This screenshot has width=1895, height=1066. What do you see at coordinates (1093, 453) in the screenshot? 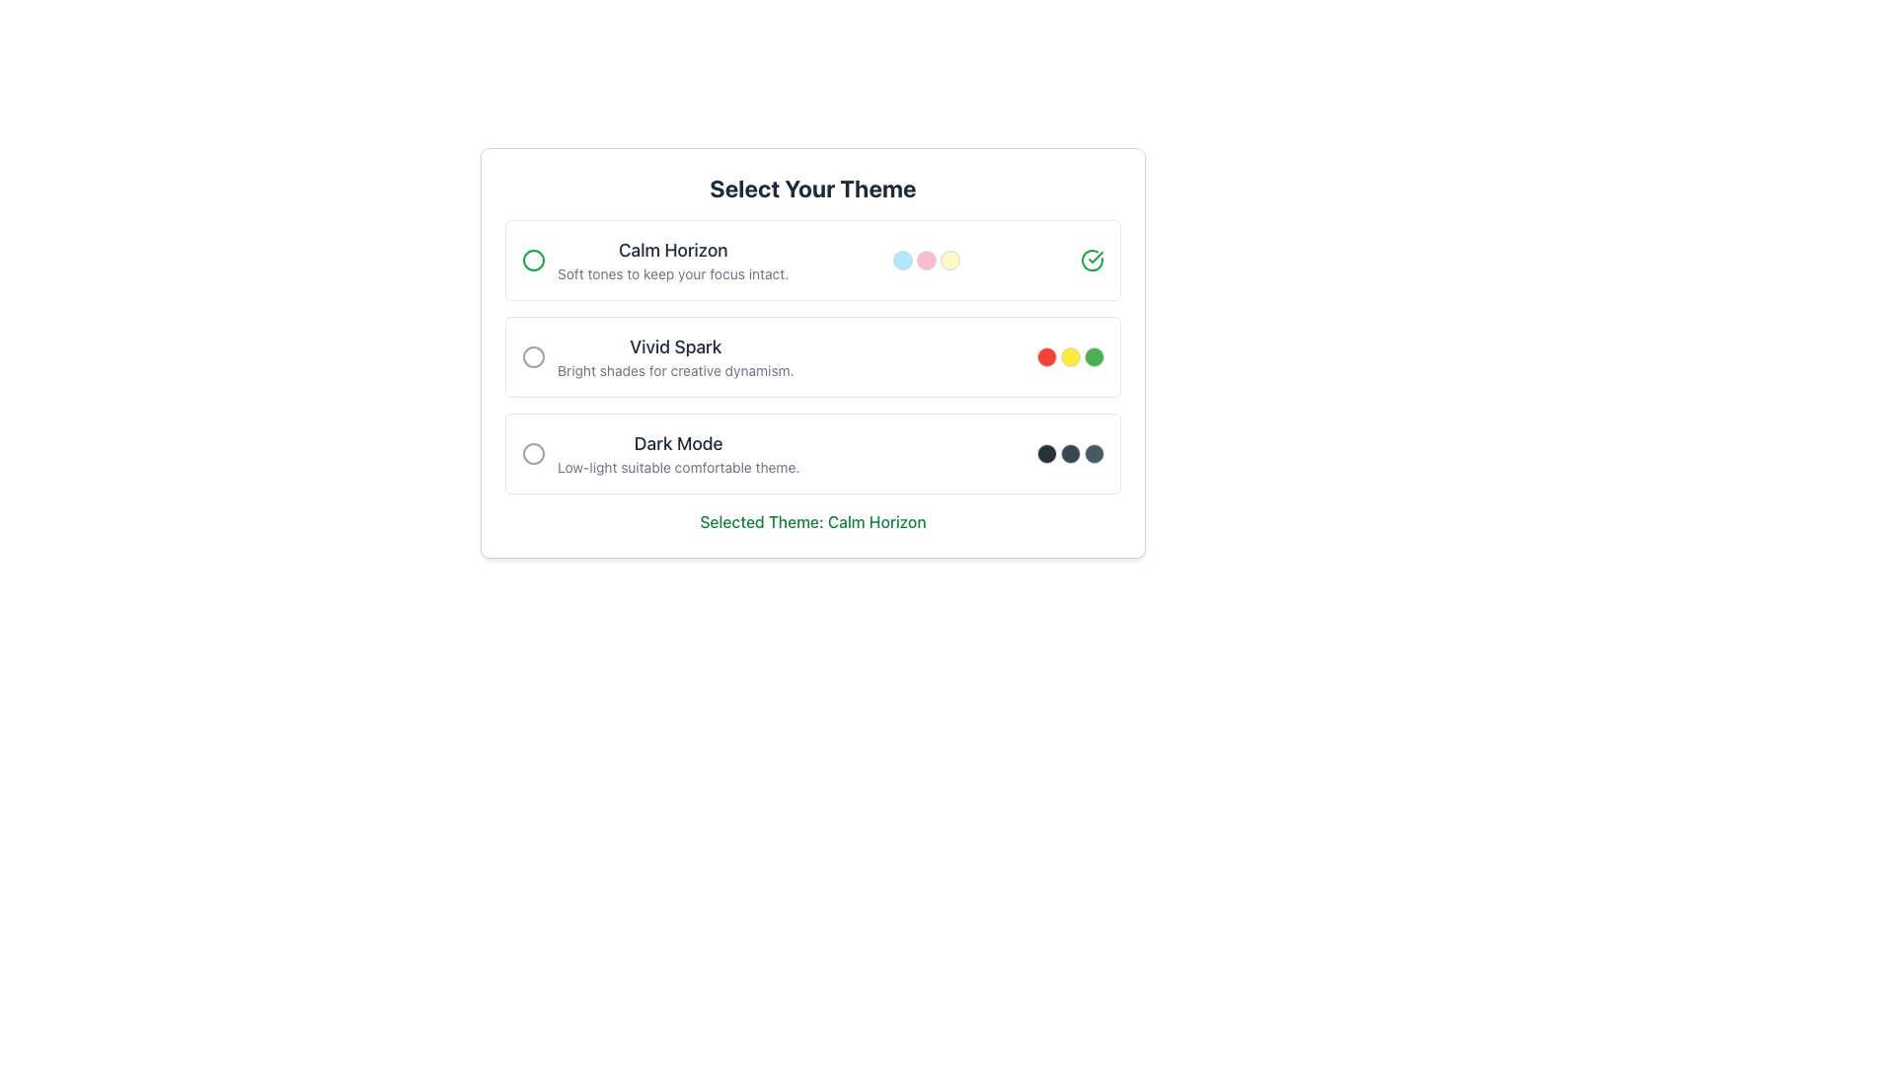
I see `the third selectable indicator circle with a dark bluish-grey fill, positioned next to the 'Dark Mode' text in the 'Select Your Theme' interface` at bounding box center [1093, 453].